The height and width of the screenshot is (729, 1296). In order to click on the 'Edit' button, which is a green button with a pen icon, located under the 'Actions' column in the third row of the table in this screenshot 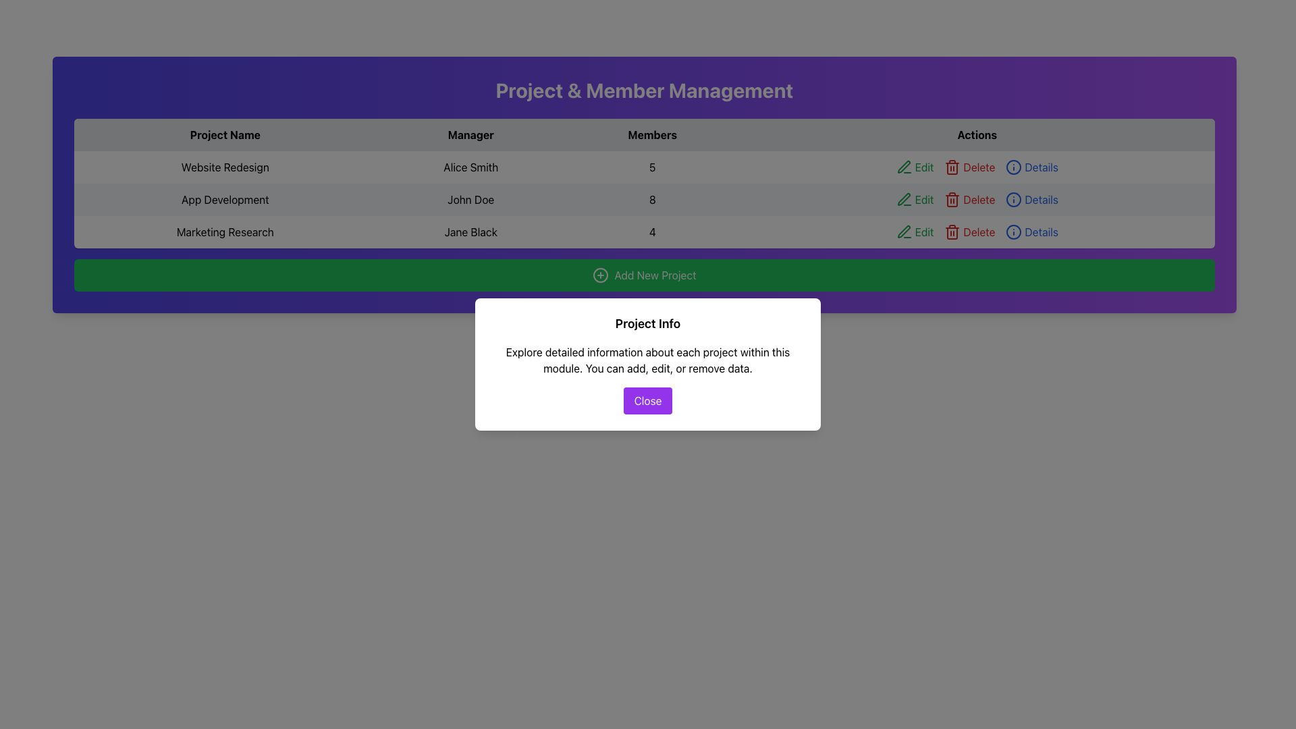, I will do `click(915, 231)`.